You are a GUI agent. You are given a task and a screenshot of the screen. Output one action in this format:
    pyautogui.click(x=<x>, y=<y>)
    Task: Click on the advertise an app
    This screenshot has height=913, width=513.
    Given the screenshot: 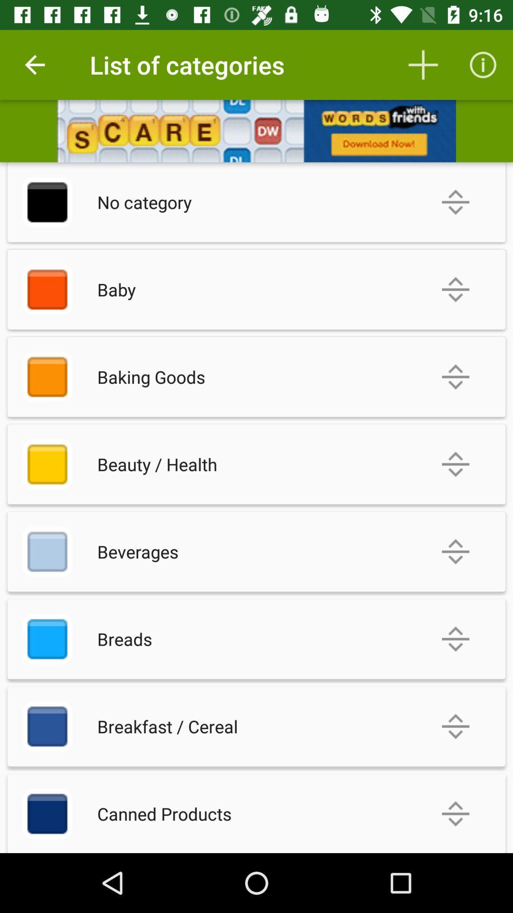 What is the action you would take?
    pyautogui.click(x=256, y=130)
    